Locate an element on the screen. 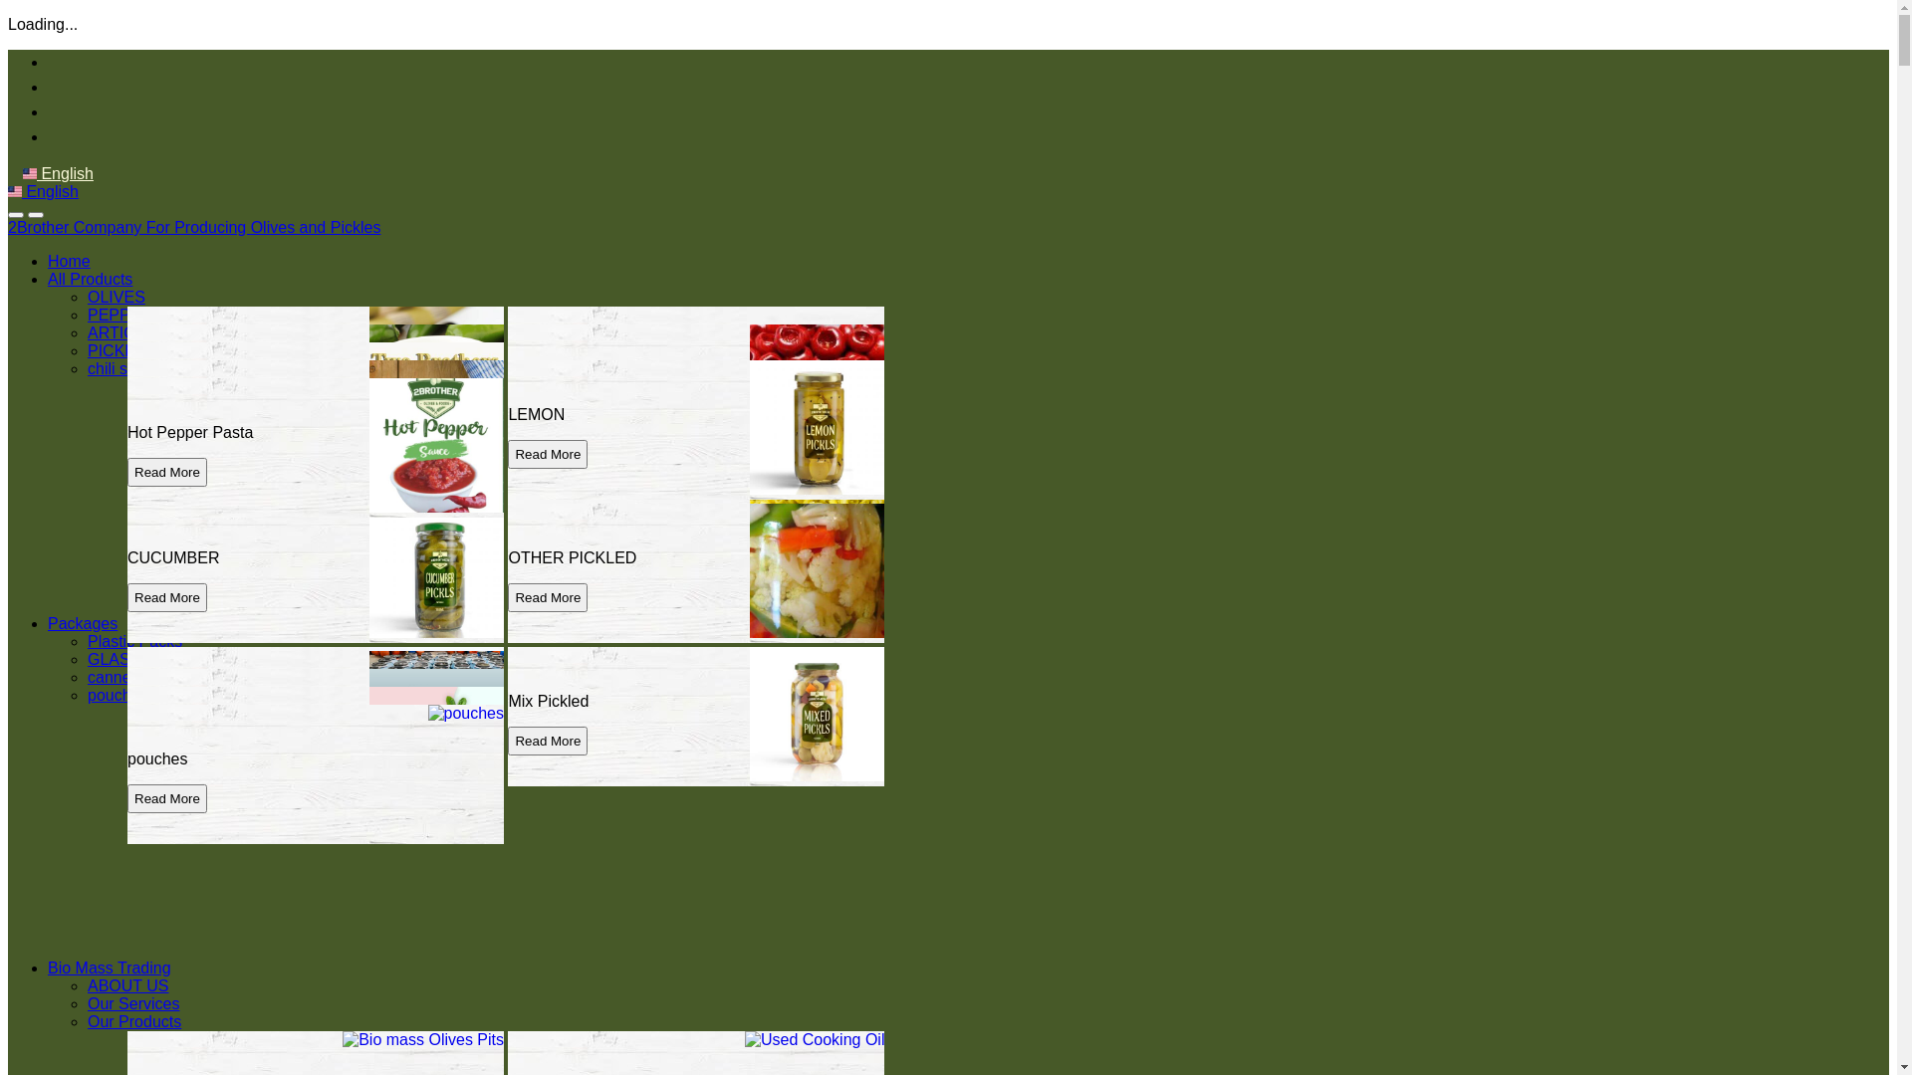 This screenshot has height=1075, width=1912. 'Read More' is located at coordinates (548, 400).